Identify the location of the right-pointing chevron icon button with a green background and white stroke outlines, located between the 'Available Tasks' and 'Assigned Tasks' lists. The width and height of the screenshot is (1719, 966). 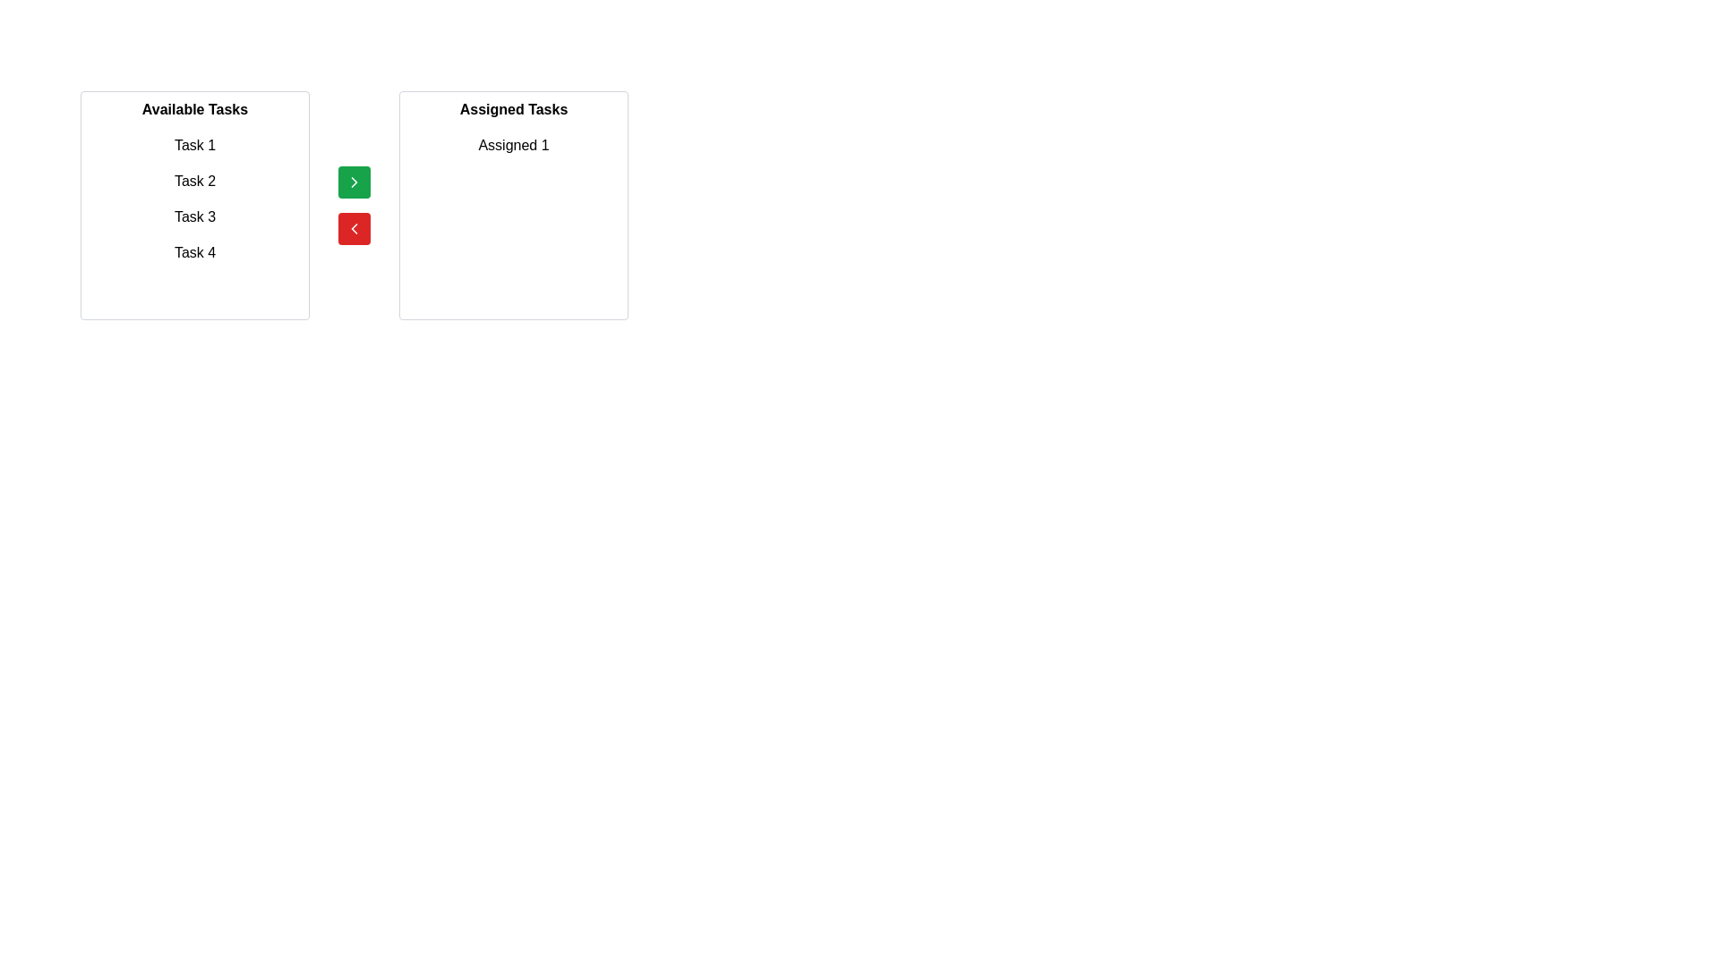
(354, 182).